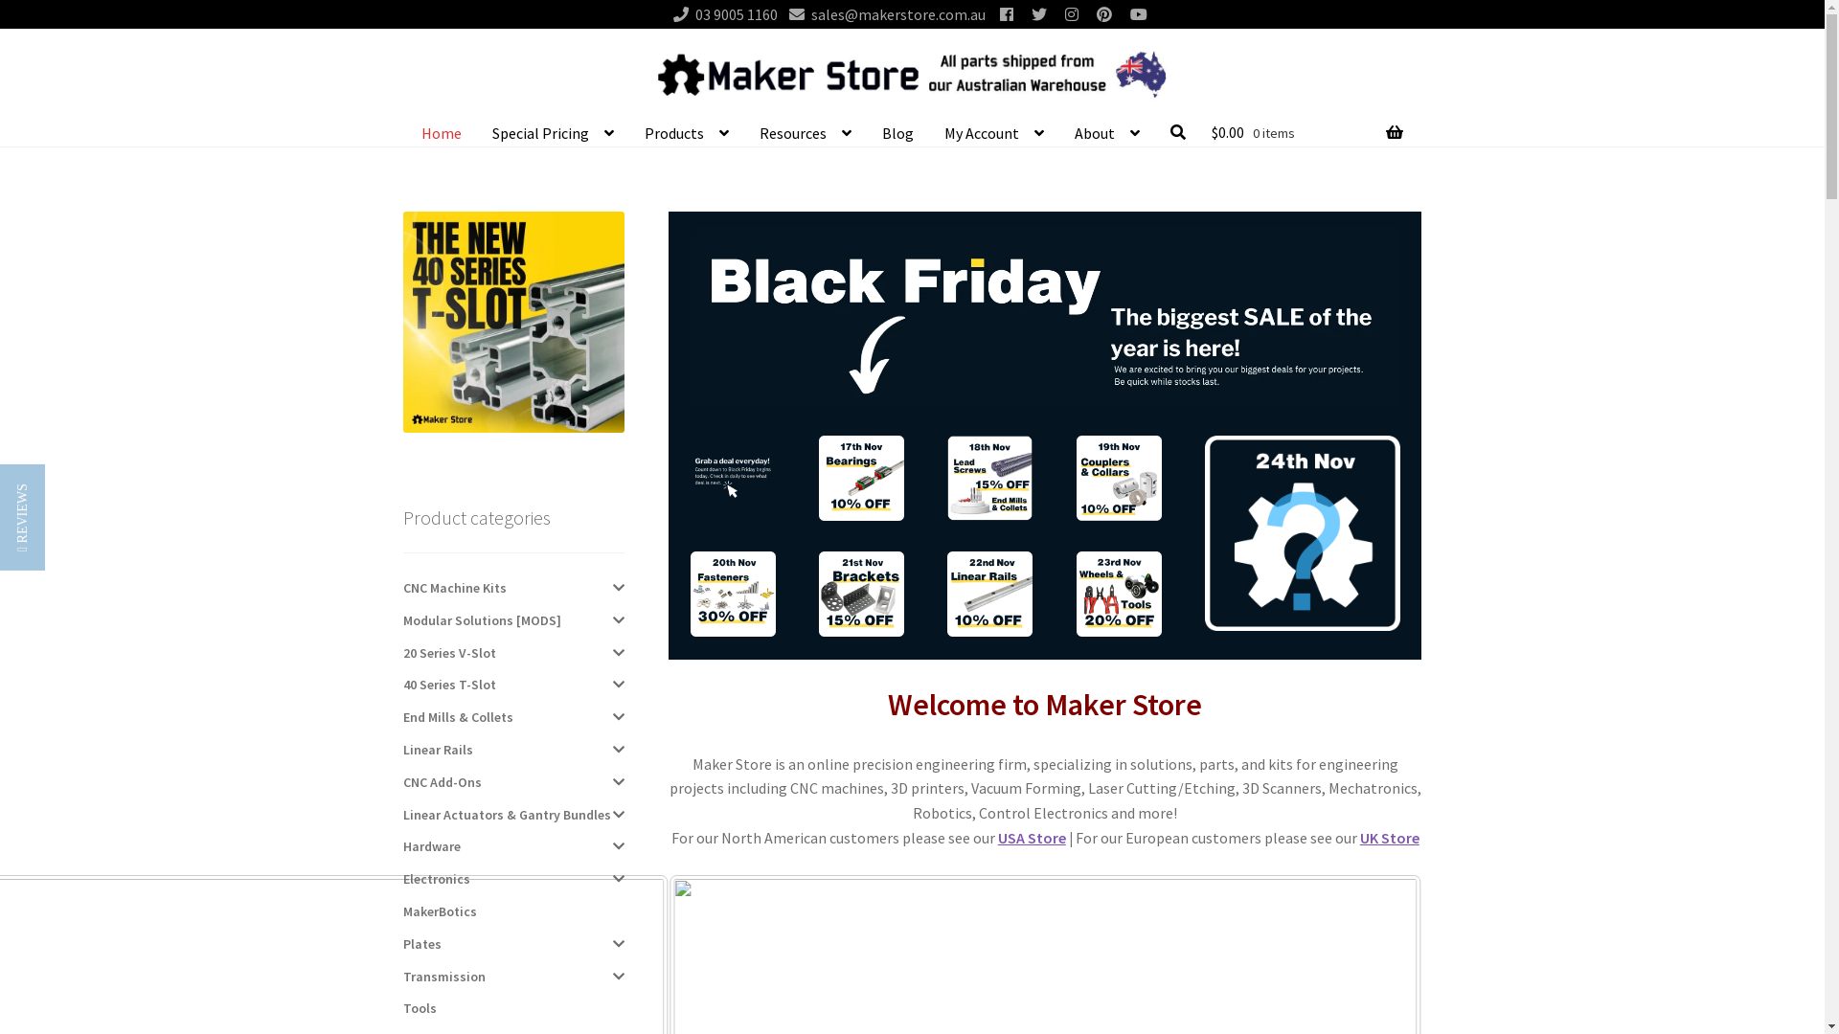 The height and width of the screenshot is (1034, 1839). Describe the element at coordinates (881, 14) in the screenshot. I see `'sales@makerstore.com.au'` at that location.